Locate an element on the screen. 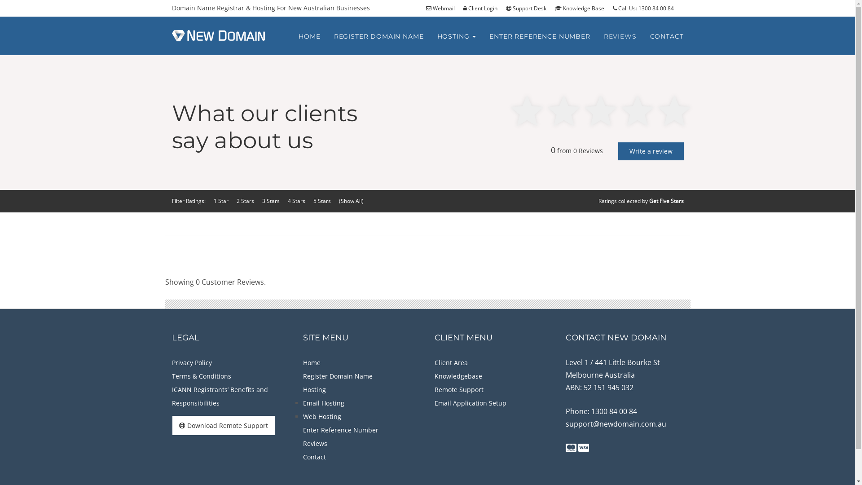  'Privacy Policy' is located at coordinates (191, 362).